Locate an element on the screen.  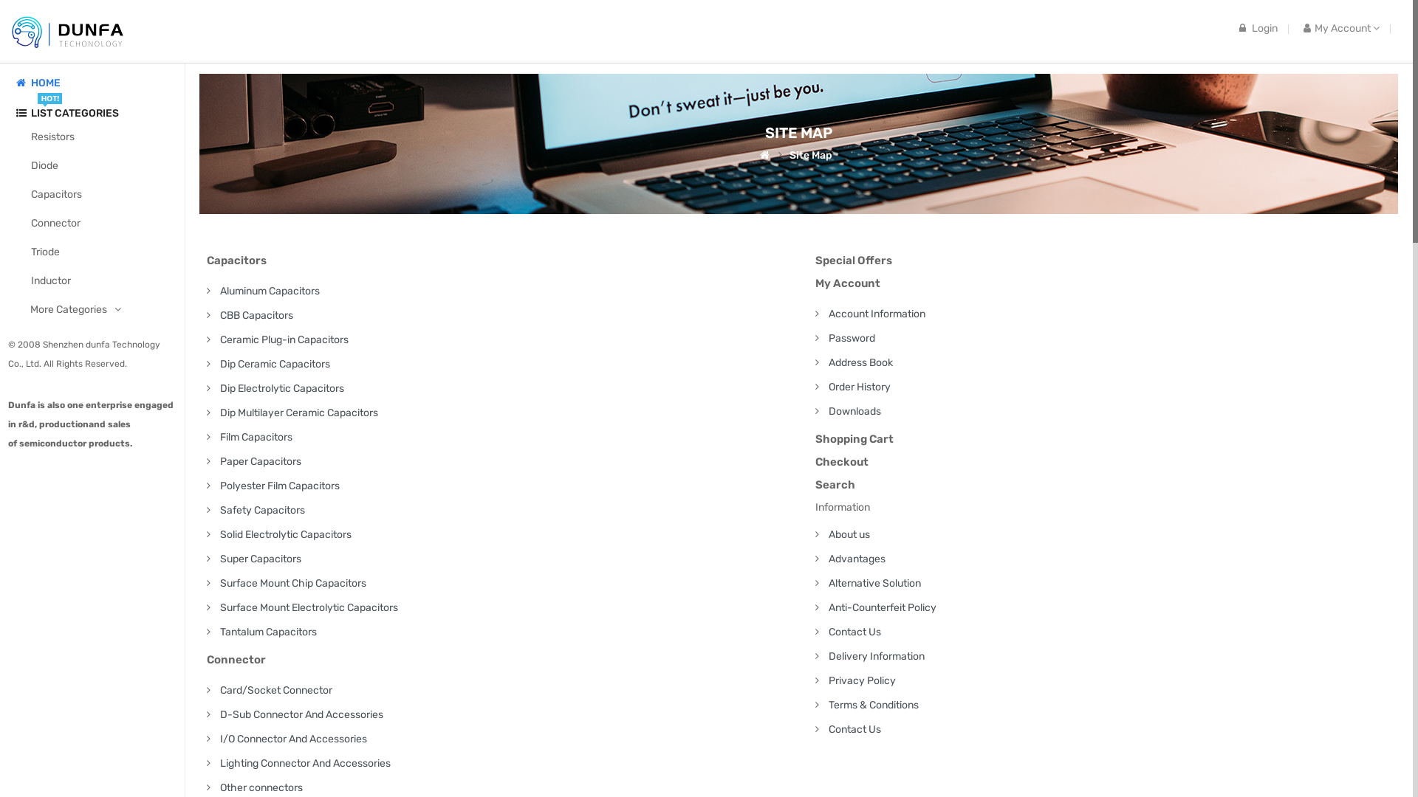
'Downloads' is located at coordinates (854, 411).